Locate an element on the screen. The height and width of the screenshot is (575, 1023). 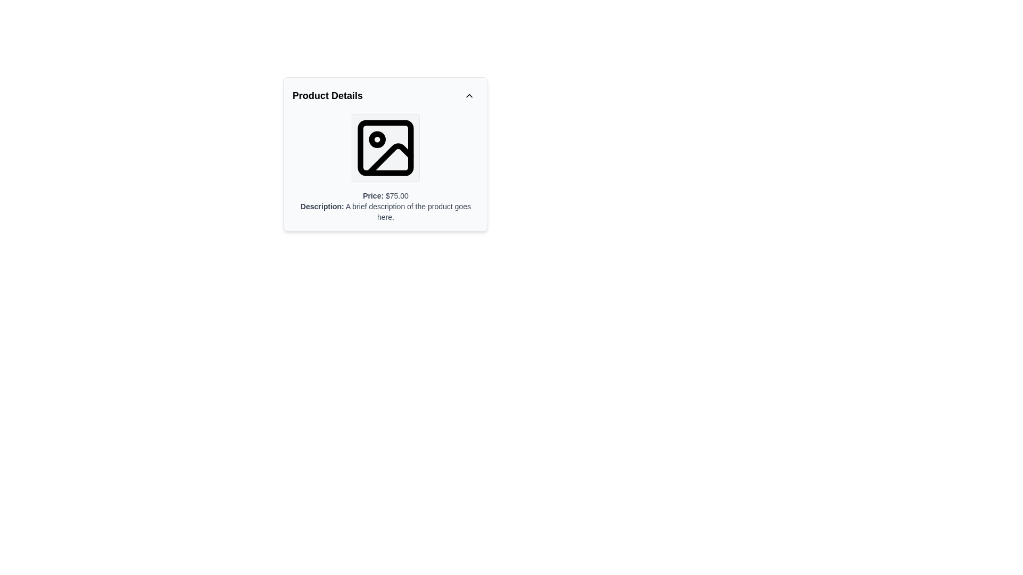
the upward-facing chevron-shaped icon located in the top-right corner of the 'Product Details' card is located at coordinates (469, 96).